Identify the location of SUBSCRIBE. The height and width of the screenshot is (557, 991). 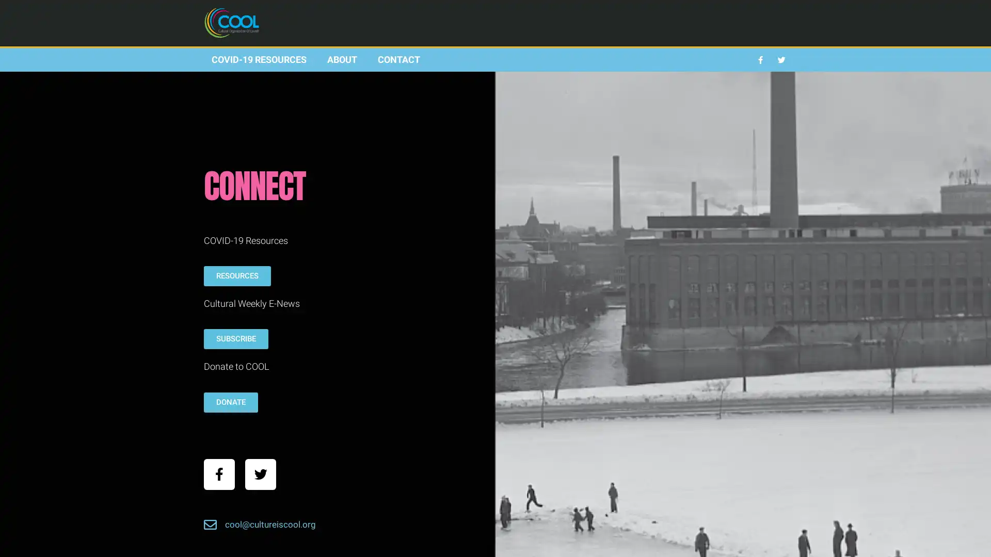
(235, 339).